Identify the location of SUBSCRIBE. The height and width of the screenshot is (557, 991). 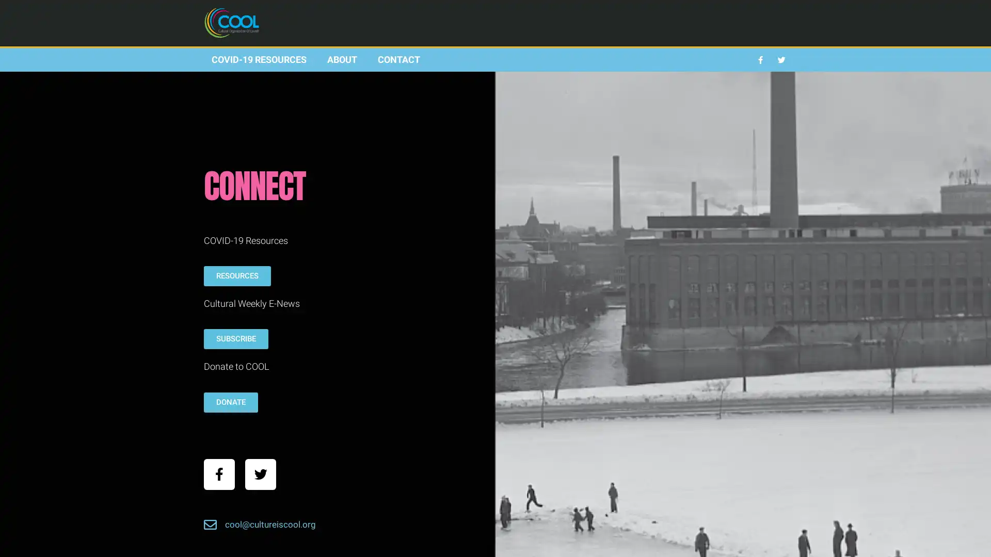
(235, 339).